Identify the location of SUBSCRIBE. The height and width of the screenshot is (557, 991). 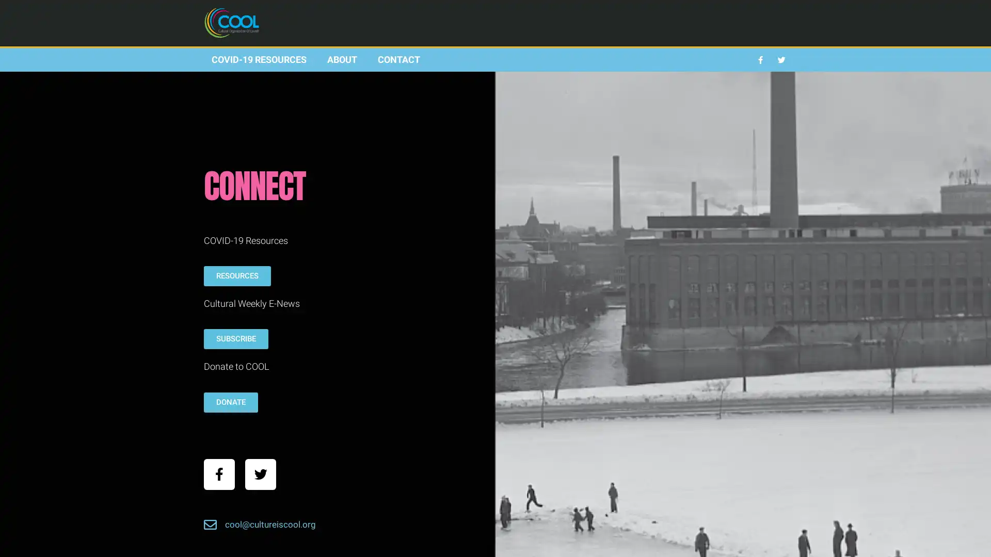
(235, 339).